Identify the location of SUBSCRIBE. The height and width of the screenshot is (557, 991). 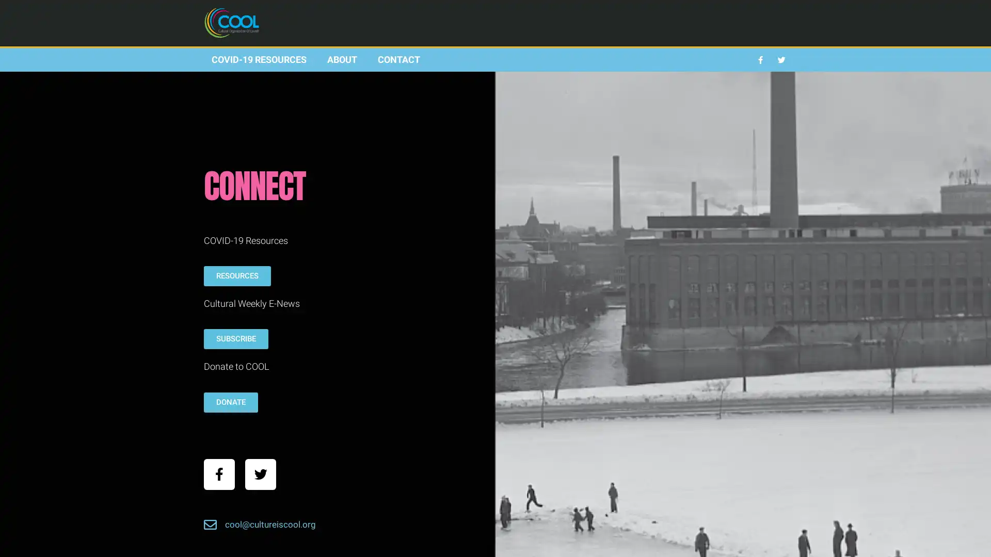
(235, 339).